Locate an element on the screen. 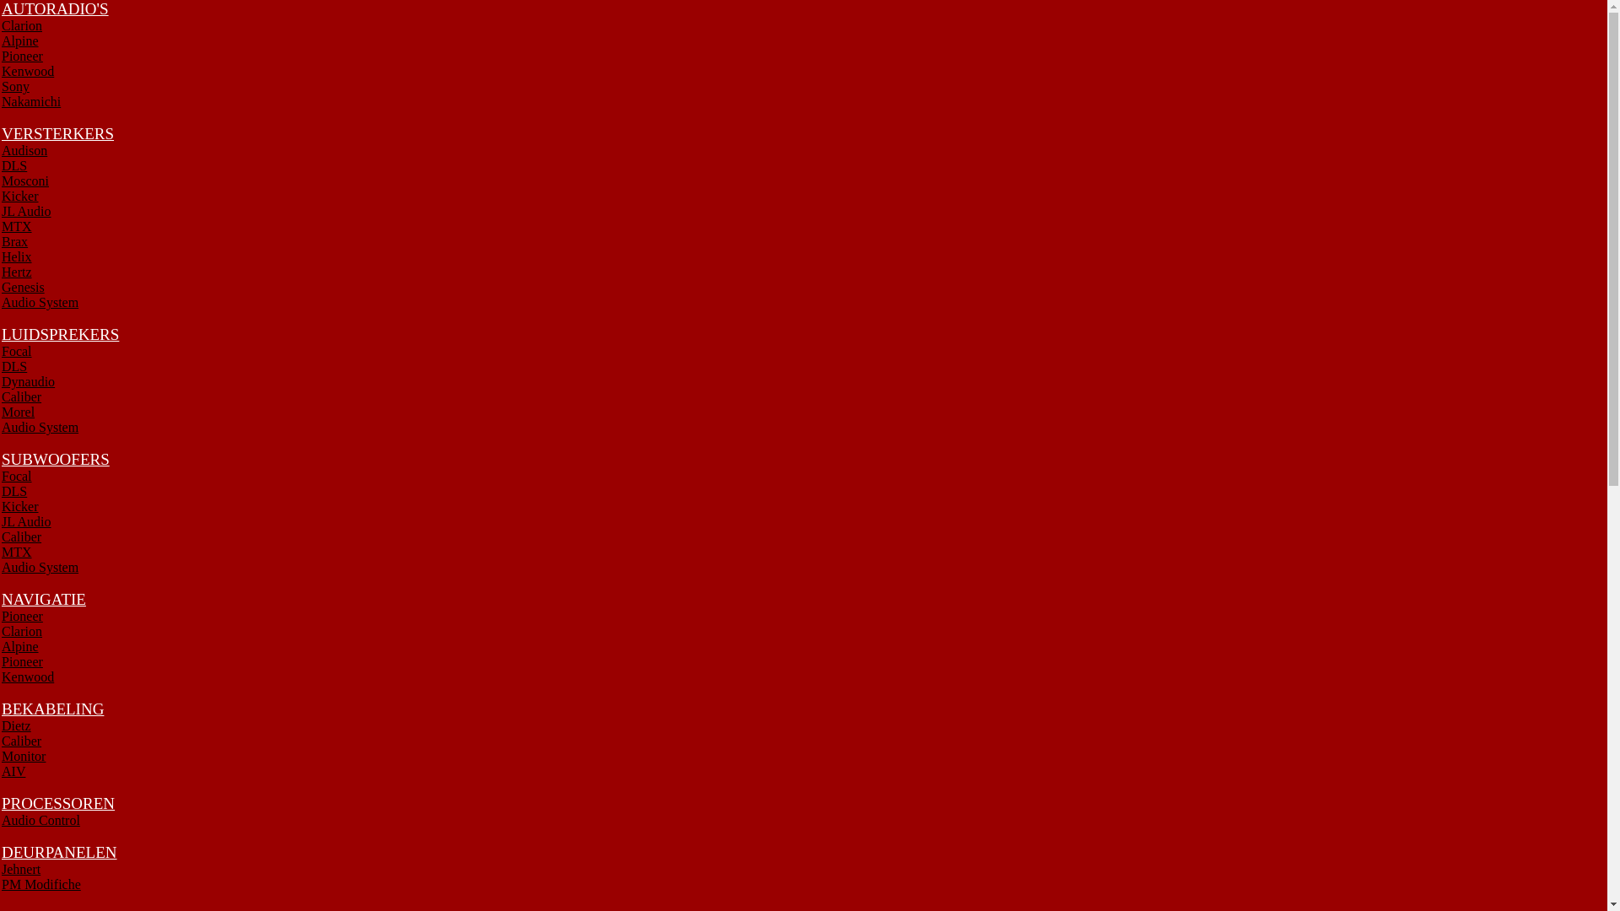 The image size is (1620, 911). 'PM Modifiche' is located at coordinates (1, 883).